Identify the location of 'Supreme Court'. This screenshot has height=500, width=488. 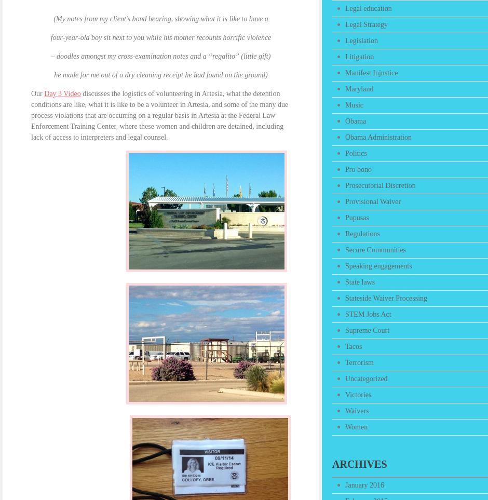
(367, 330).